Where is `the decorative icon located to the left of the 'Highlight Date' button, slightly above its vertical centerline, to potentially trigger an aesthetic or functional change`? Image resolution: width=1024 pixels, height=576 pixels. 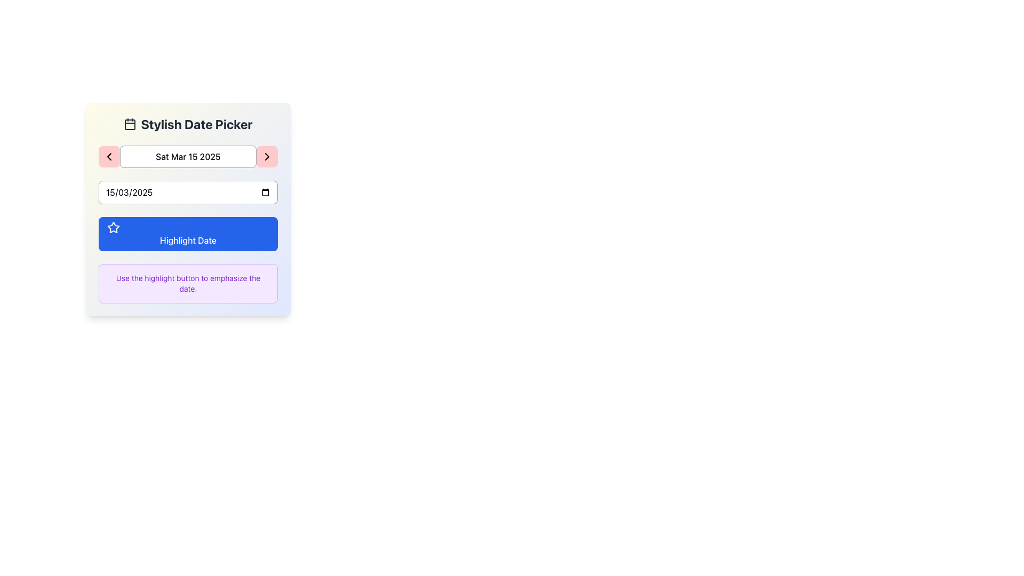
the decorative icon located to the left of the 'Highlight Date' button, slightly above its vertical centerline, to potentially trigger an aesthetic or functional change is located at coordinates (113, 227).